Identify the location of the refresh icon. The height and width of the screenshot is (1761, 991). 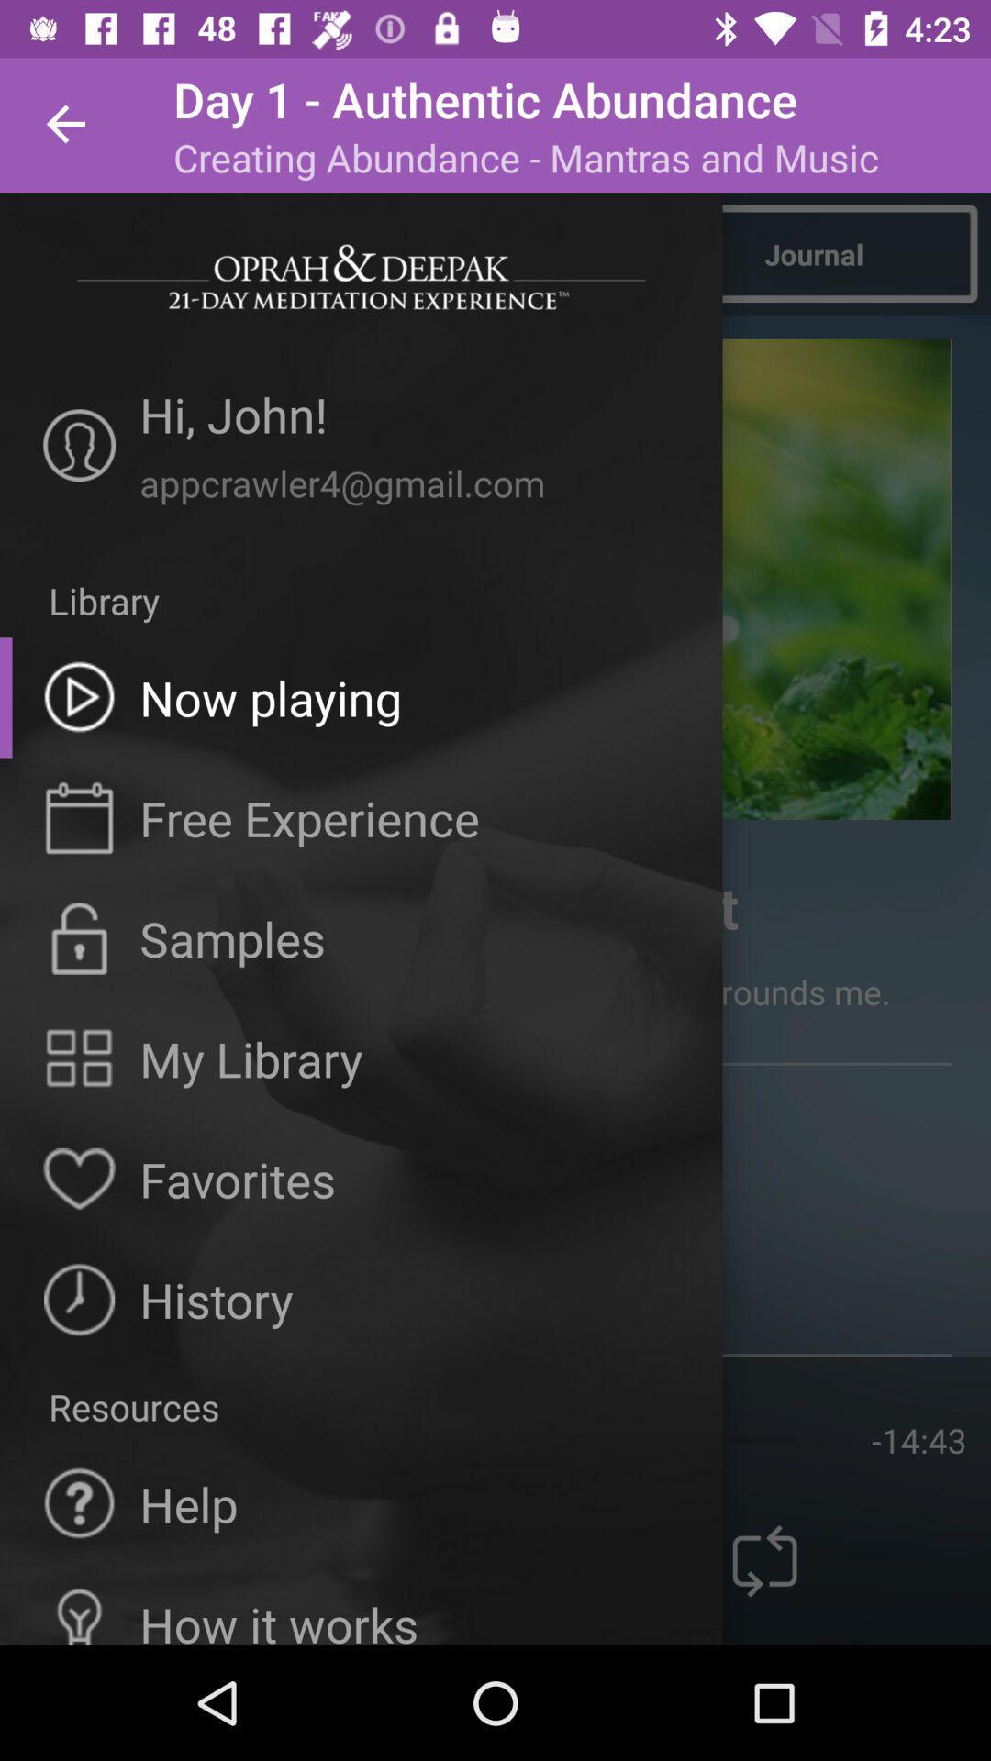
(764, 1560).